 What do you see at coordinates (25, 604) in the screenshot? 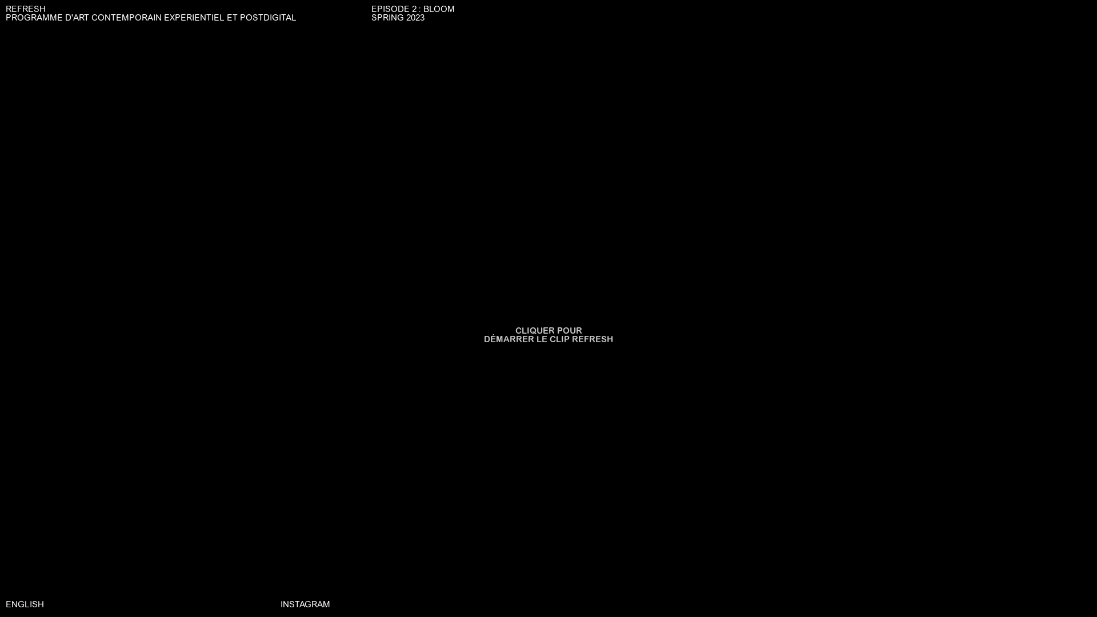
I see `'ENGLISH'` at bounding box center [25, 604].